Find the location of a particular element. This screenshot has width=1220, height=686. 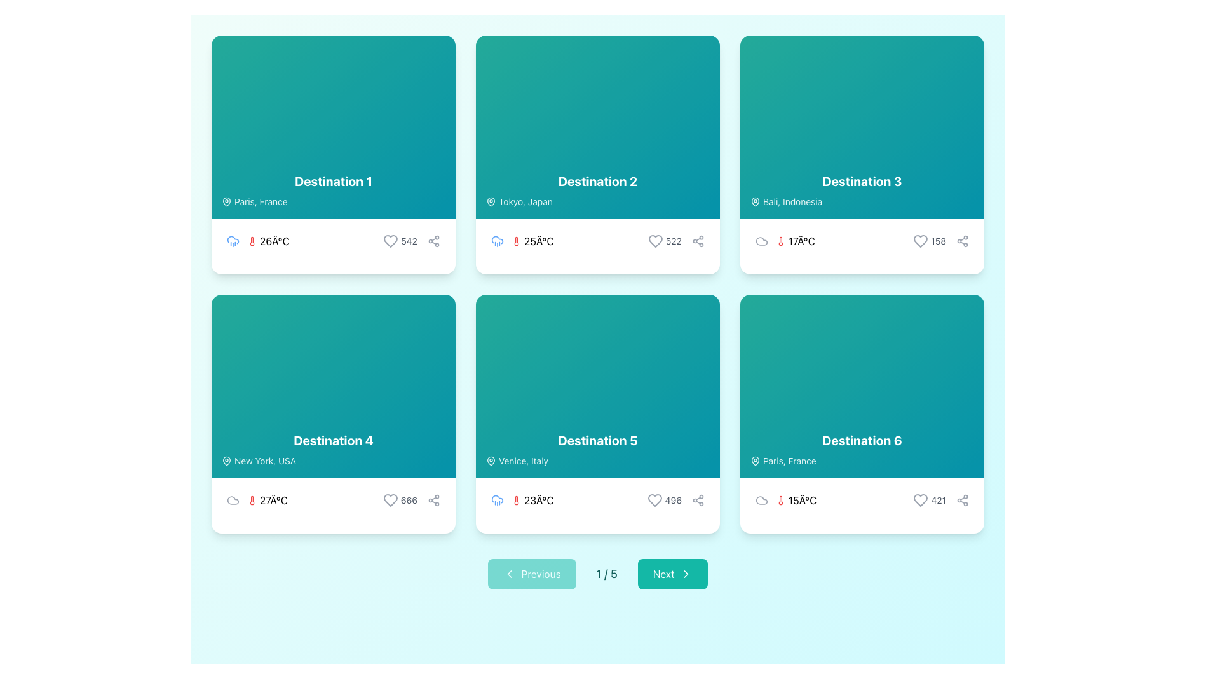

the chevron SVG icon located to the right of the 'Next' label in the navigation button at the bottom of the interface is located at coordinates (685, 574).